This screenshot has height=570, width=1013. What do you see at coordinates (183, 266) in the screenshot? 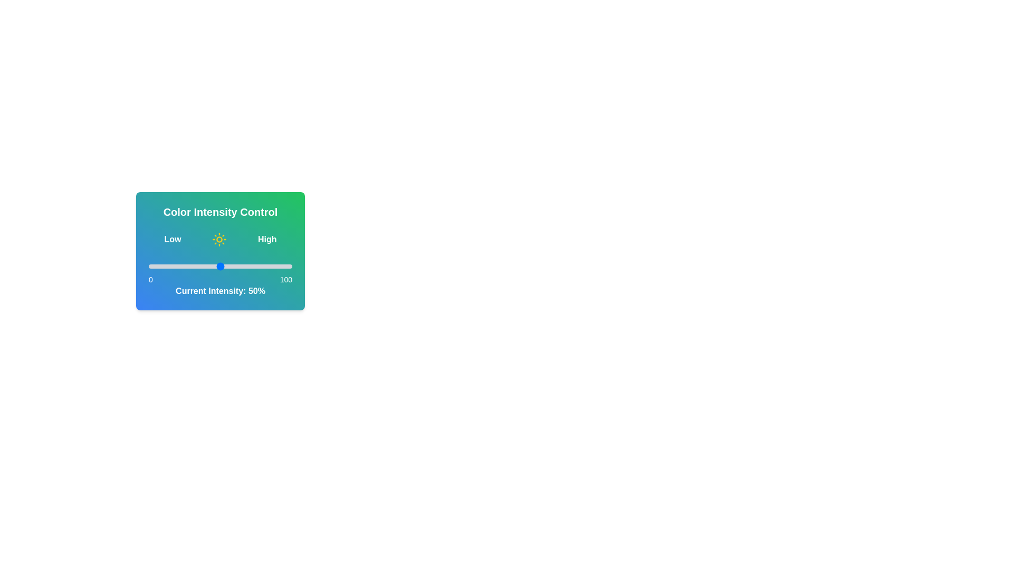
I see `the intensity value` at bounding box center [183, 266].